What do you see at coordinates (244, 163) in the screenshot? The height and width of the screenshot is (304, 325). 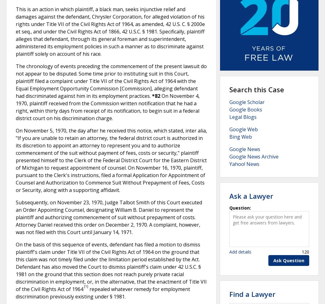 I see `'Yahoo! News'` at bounding box center [244, 163].